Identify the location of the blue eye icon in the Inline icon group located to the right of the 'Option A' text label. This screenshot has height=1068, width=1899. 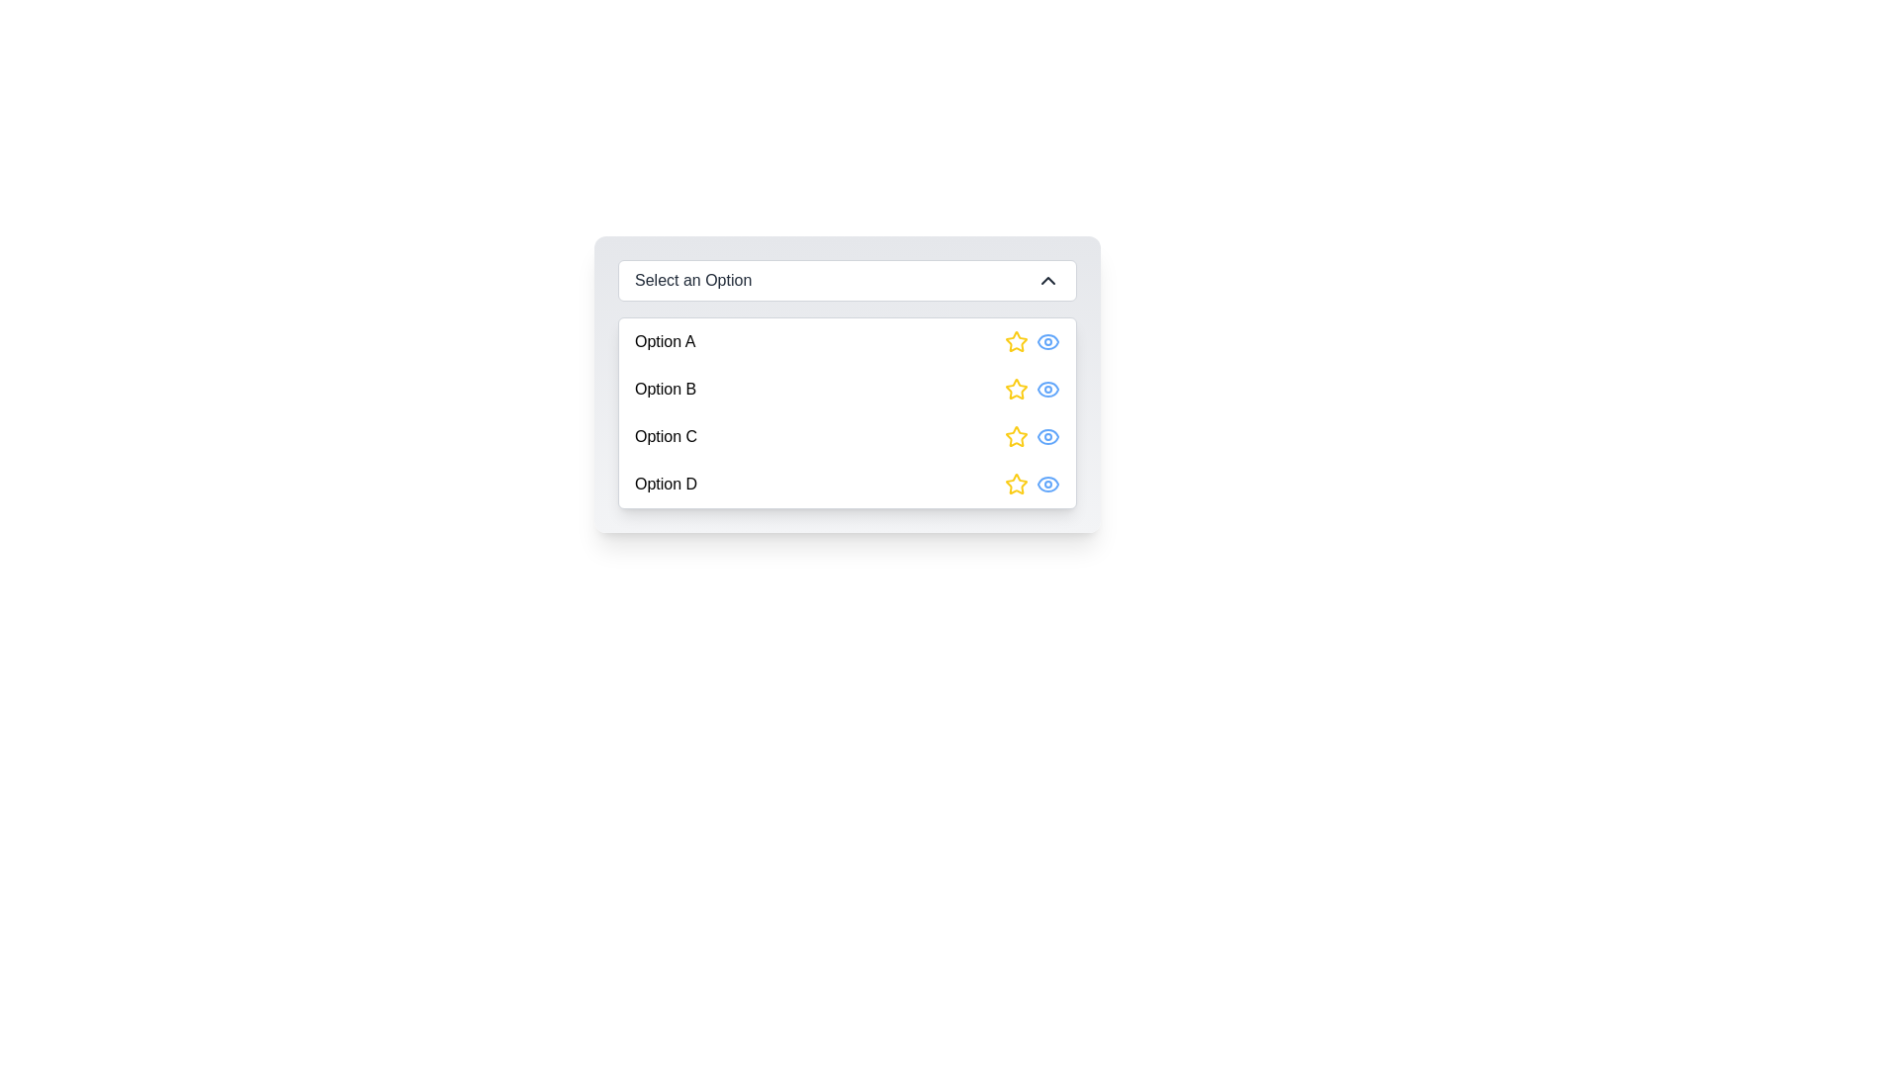
(1031, 341).